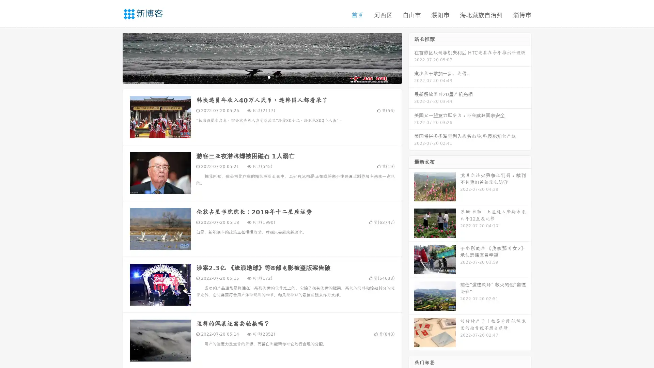 Image resolution: width=654 pixels, height=368 pixels. Describe the element at coordinates (411, 57) in the screenshot. I see `Next slide` at that location.